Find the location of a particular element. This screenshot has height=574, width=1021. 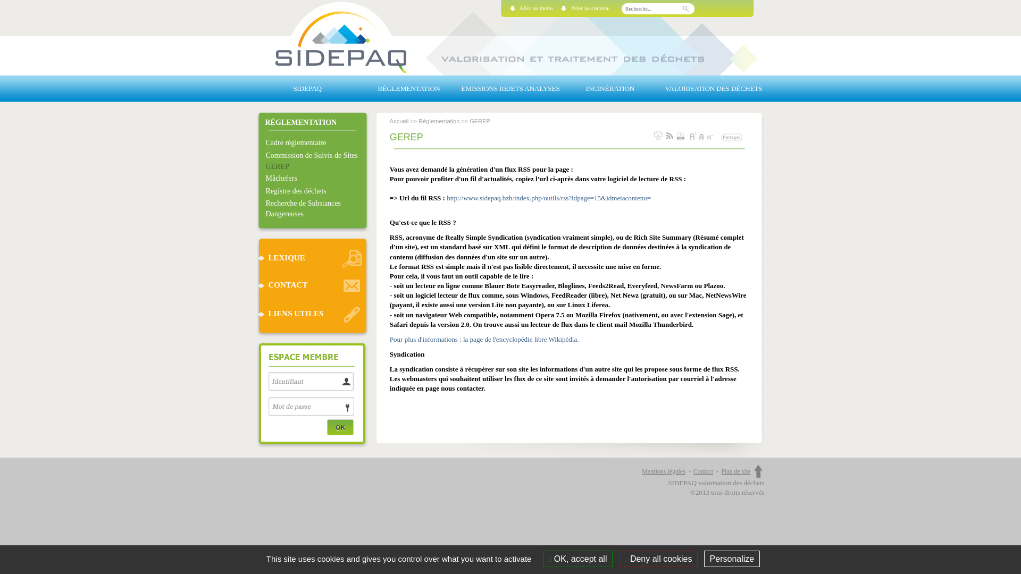

'GEREP' is located at coordinates (314, 166).